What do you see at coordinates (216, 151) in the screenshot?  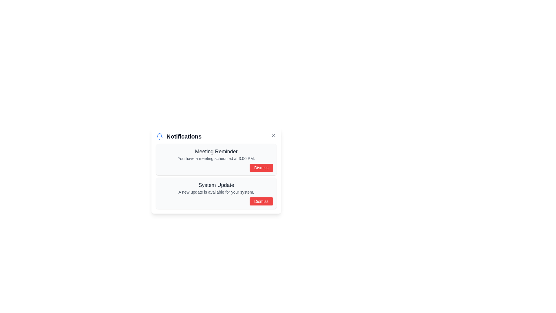 I see `the 'Meeting Reminder' text label, which is a bold, dark gray heading prominently displayed at the top of the notification box` at bounding box center [216, 151].